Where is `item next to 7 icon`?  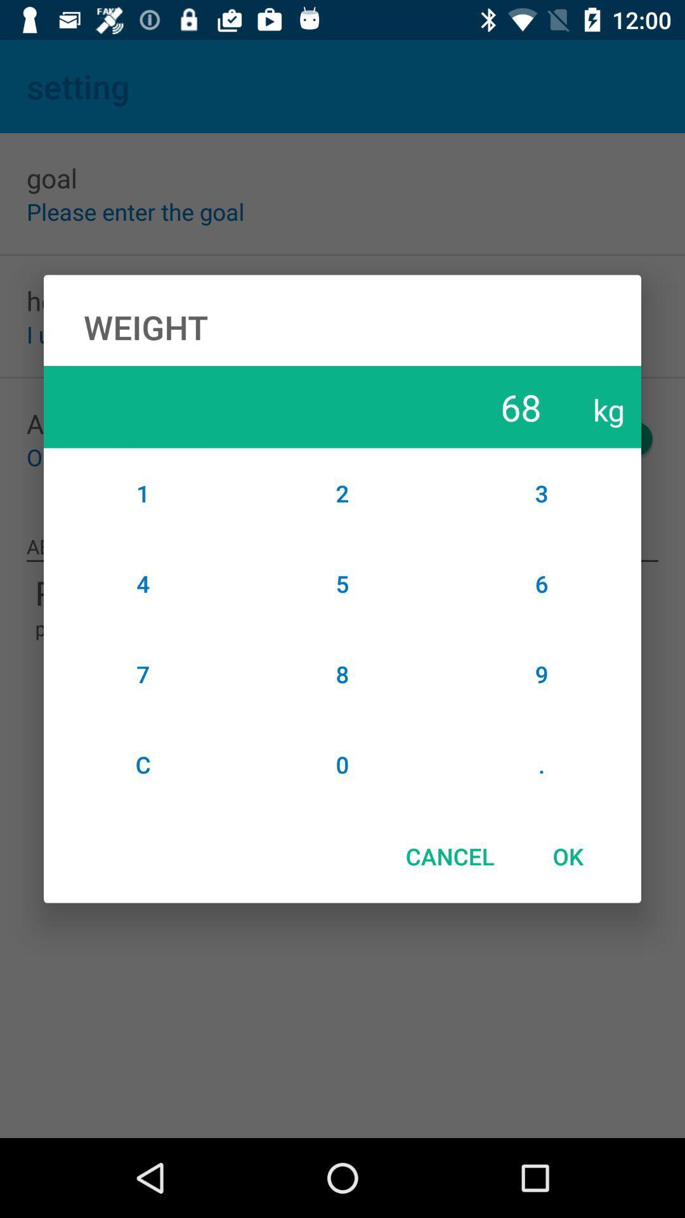
item next to 7 icon is located at coordinates (342, 764).